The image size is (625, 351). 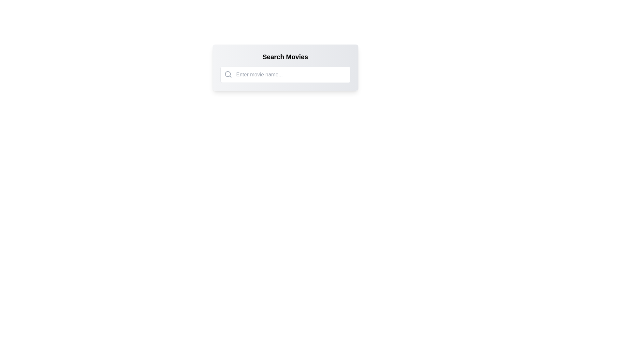 I want to click on inner SVG circle element of the magnifying glass icon located at the left edge of the search input field for debugging purposes, so click(x=228, y=73).